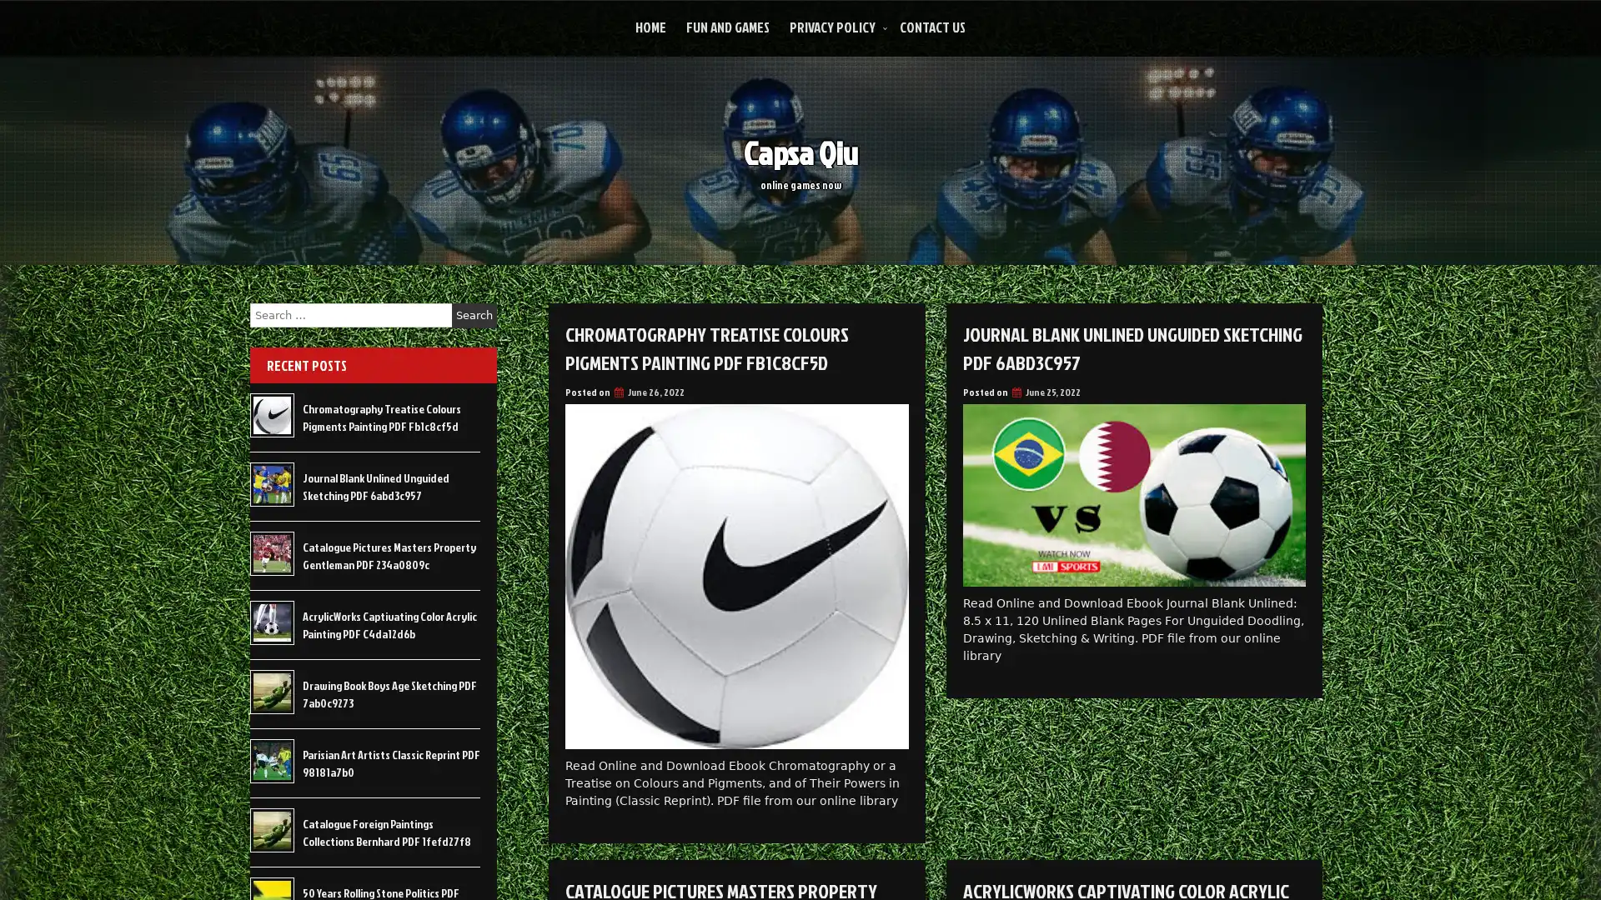 The height and width of the screenshot is (900, 1601). I want to click on Search, so click(474, 315).